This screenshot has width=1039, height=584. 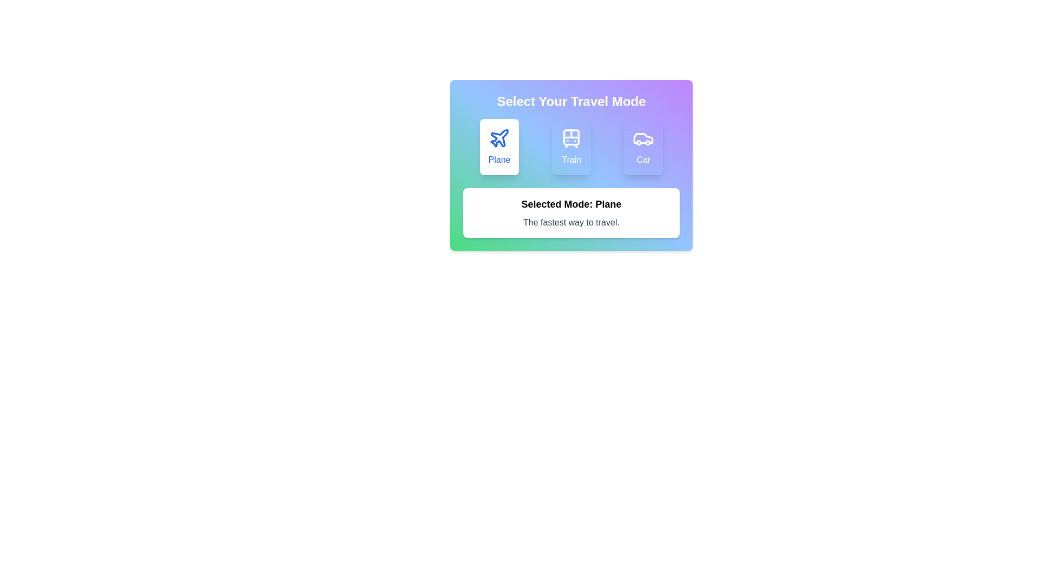 What do you see at coordinates (643, 147) in the screenshot?
I see `the button for the travel mode Car` at bounding box center [643, 147].